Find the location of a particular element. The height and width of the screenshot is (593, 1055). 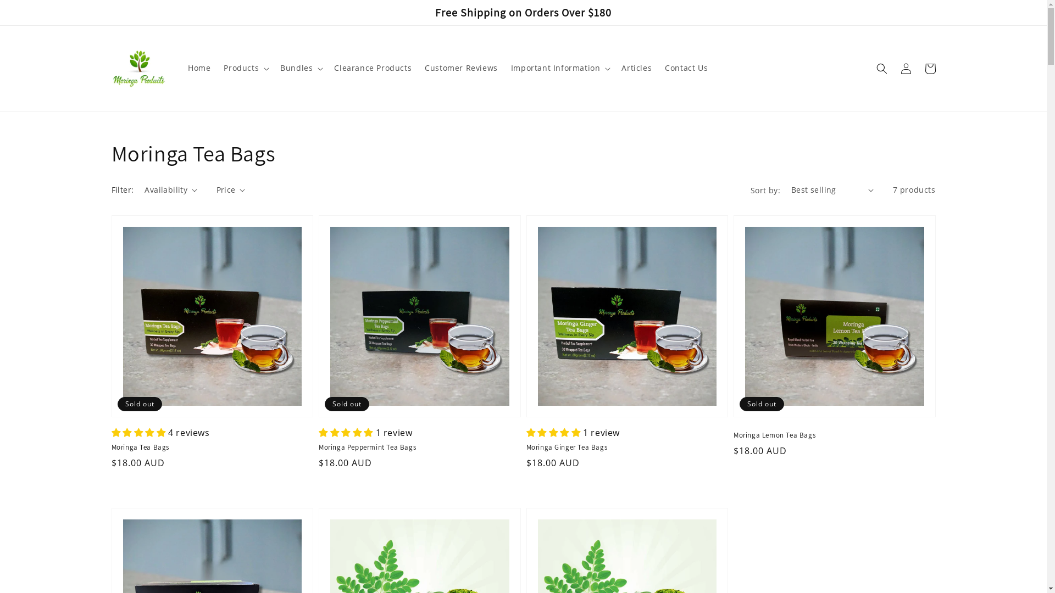

'Articles' is located at coordinates (636, 68).